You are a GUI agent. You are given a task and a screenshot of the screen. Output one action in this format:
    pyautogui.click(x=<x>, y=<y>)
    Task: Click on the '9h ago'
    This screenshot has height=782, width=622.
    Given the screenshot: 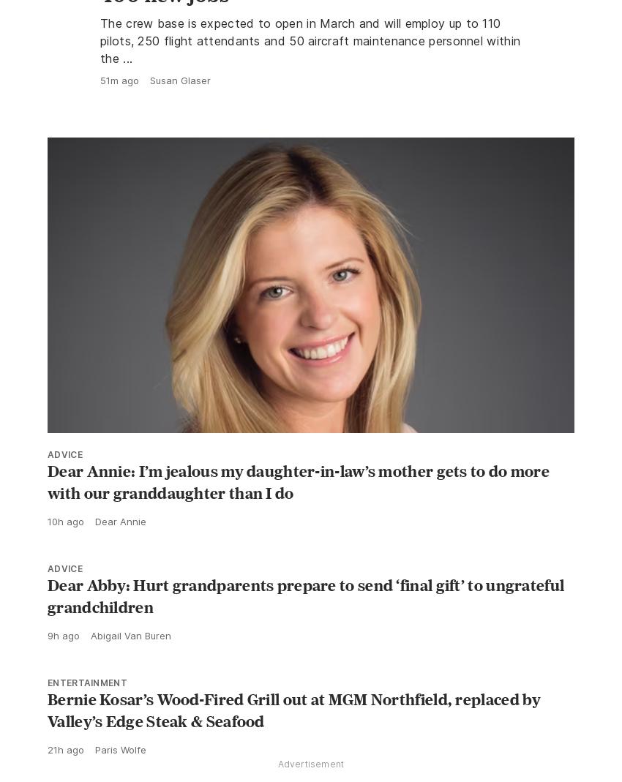 What is the action you would take?
    pyautogui.click(x=63, y=667)
    